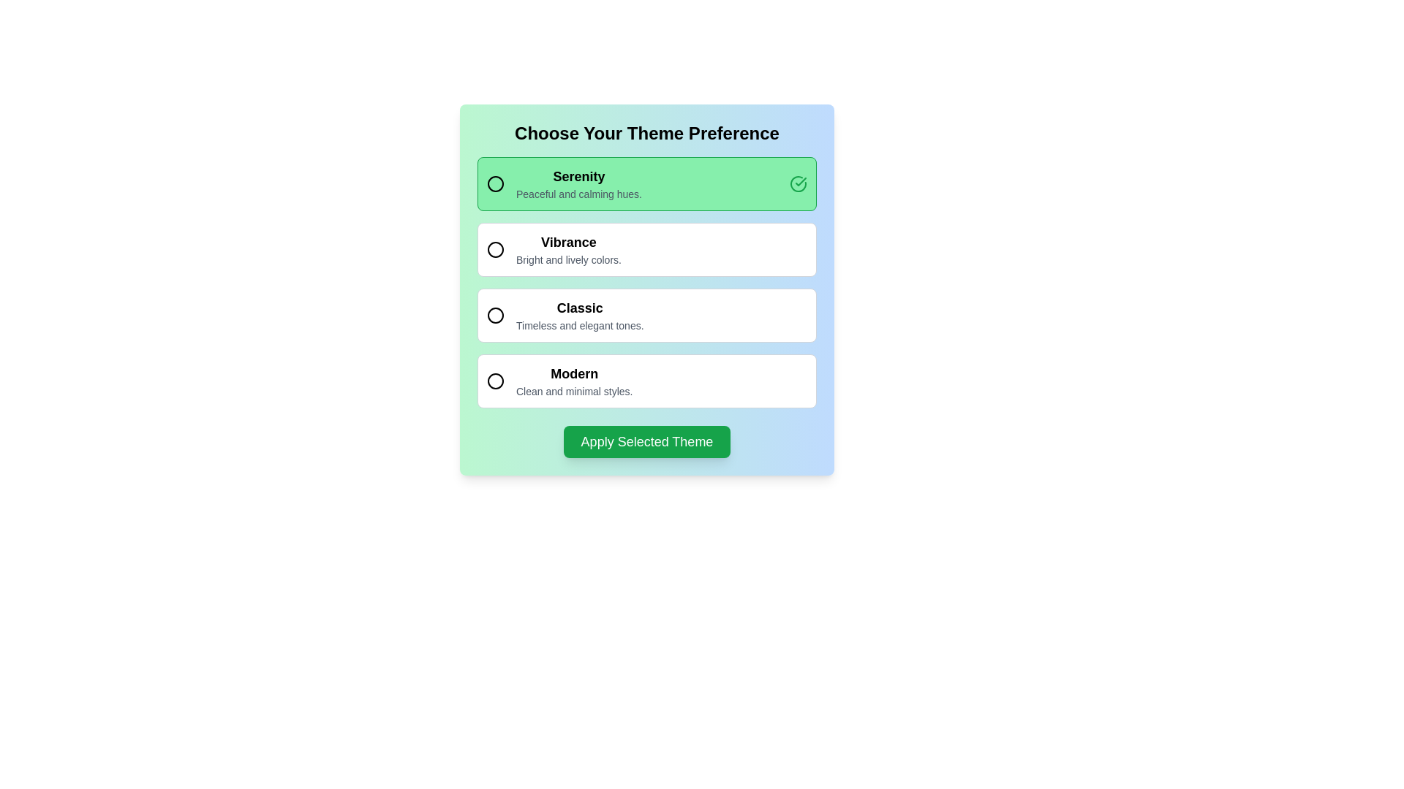  I want to click on the descriptive text label for the 'Serenity' theme option, which is located directly below the 'Serenity' text in the topmost green panel of the theme preference selection, so click(578, 194).